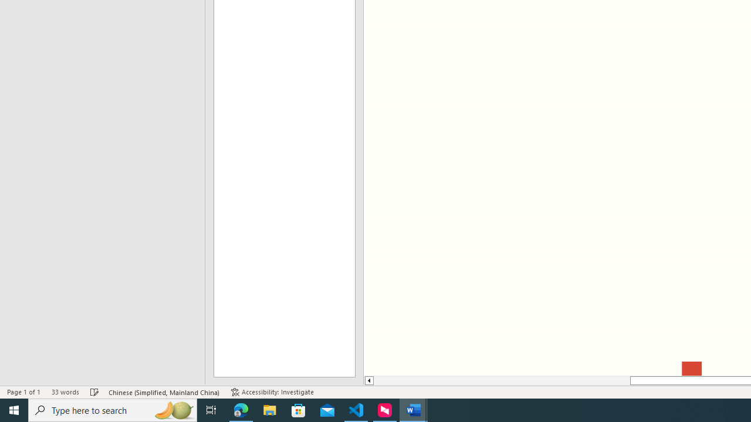 The image size is (751, 422). Describe the element at coordinates (368, 380) in the screenshot. I see `'Column left'` at that location.